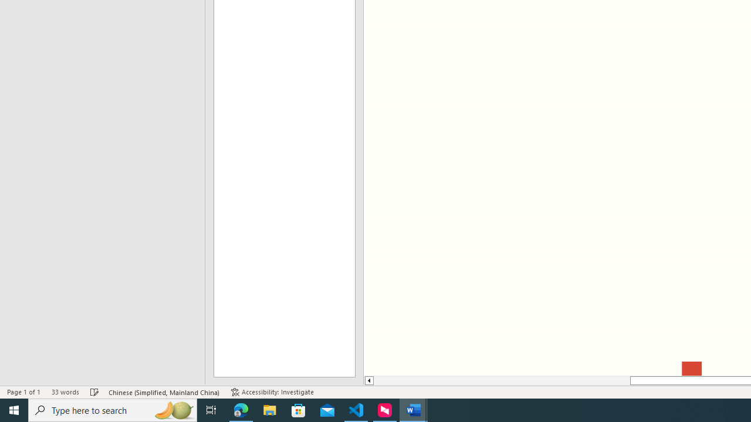 The image size is (751, 422). Describe the element at coordinates (368, 380) in the screenshot. I see `'Column left'` at that location.